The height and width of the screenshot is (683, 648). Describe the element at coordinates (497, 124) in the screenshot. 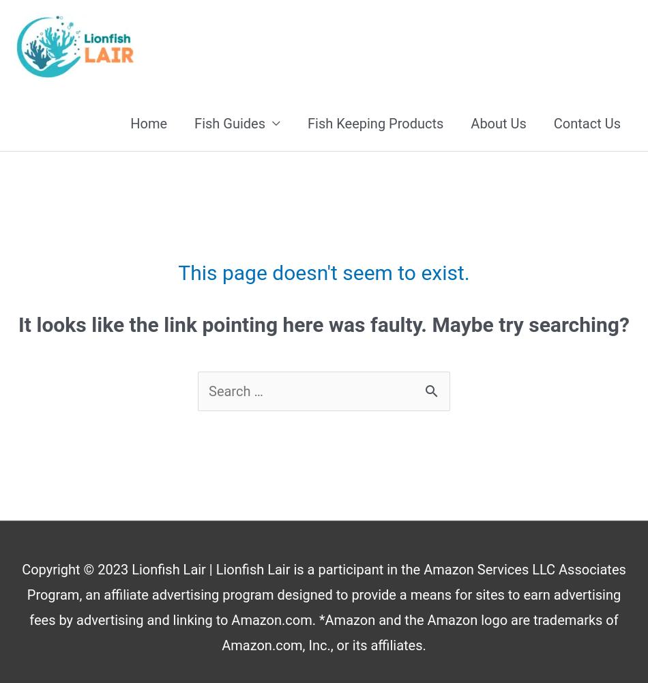

I see `'About Us'` at that location.